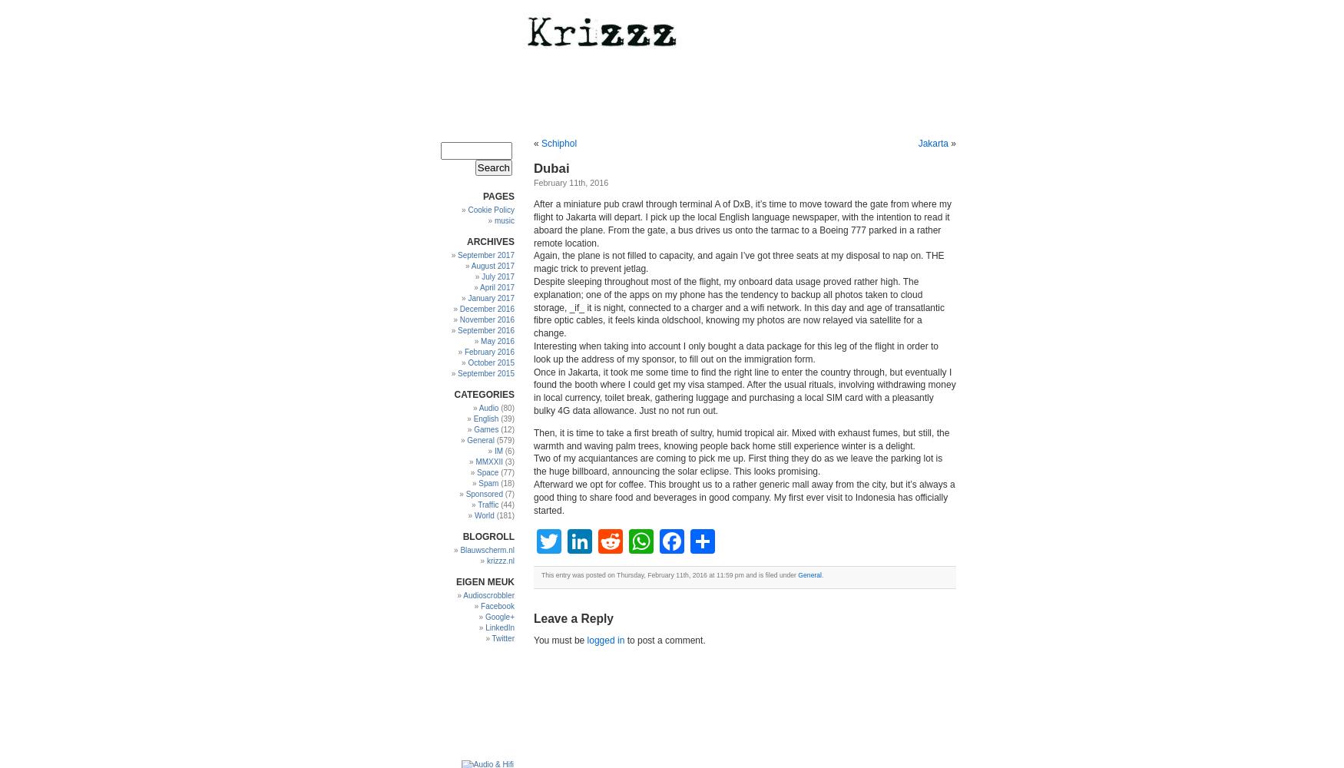  Describe the element at coordinates (488, 595) in the screenshot. I see `'Audioscrobbler'` at that location.